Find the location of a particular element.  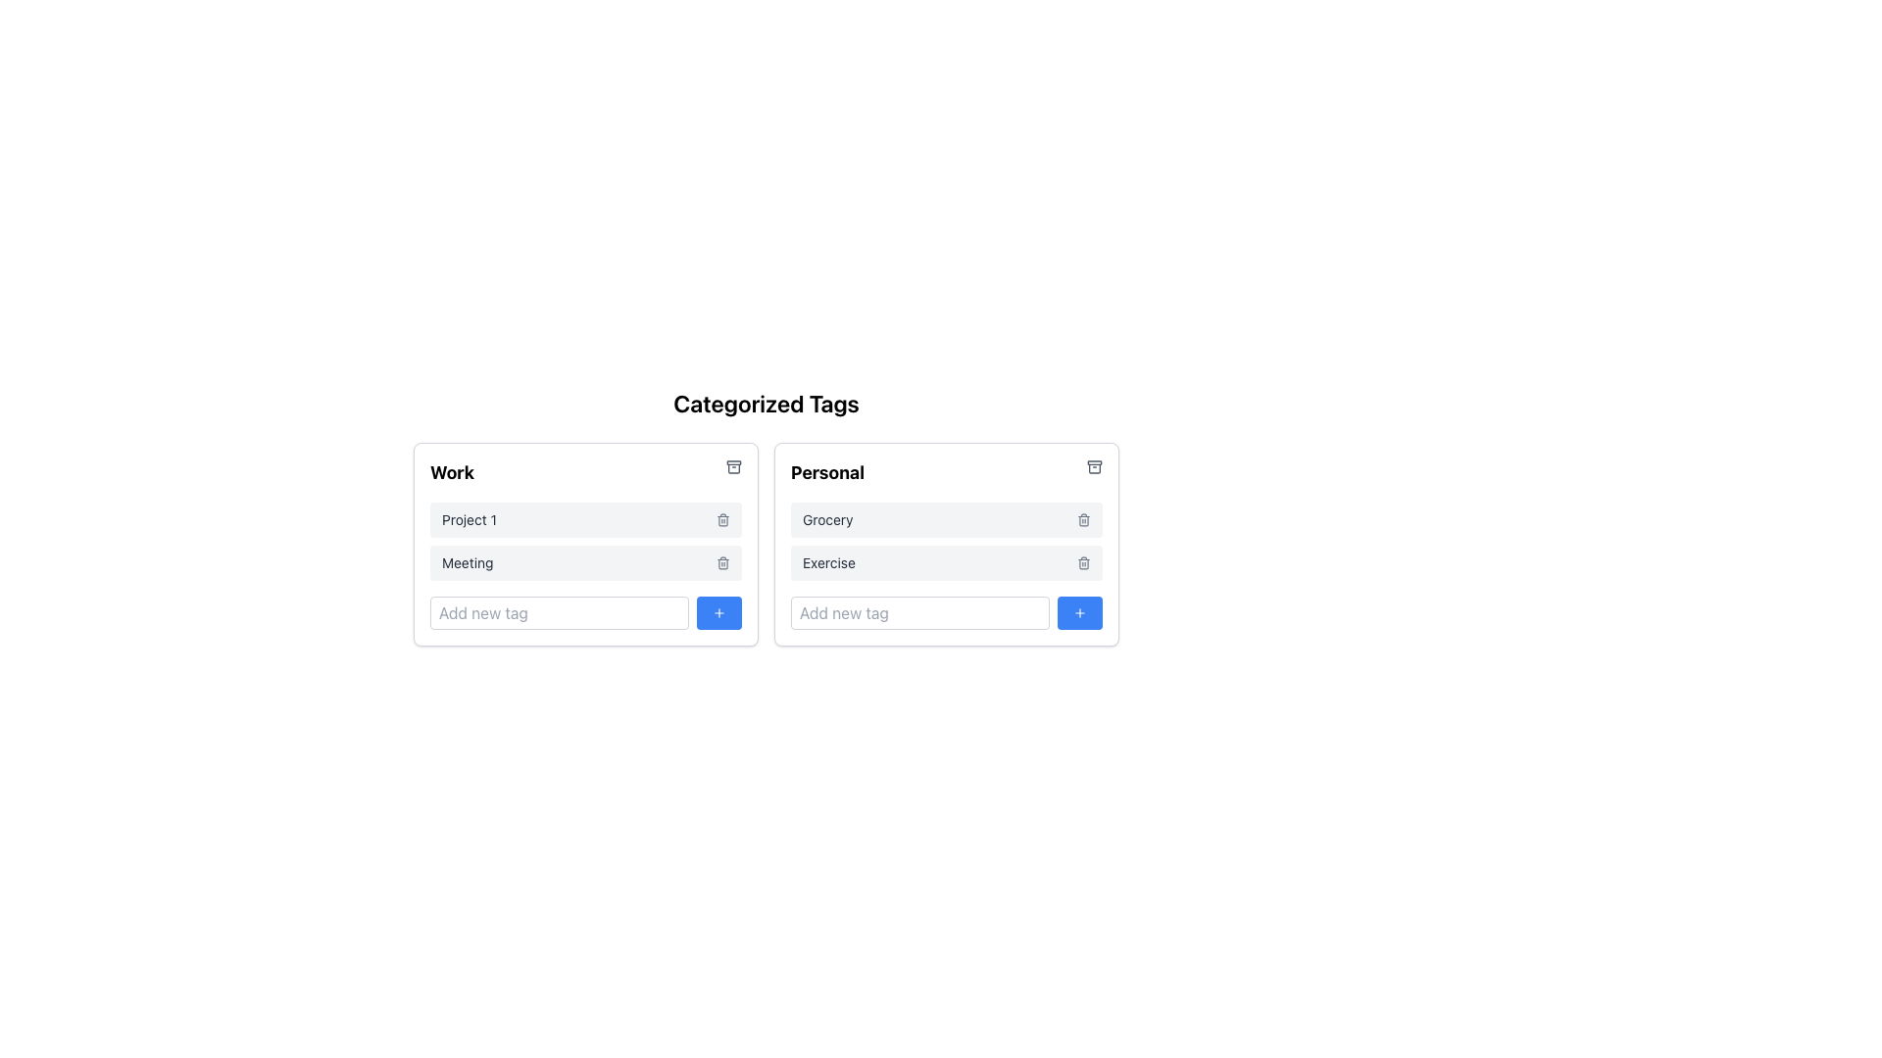

the title text element that provides context for the section, positioned above the 'Work' and 'Personal' sections is located at coordinates (766, 403).